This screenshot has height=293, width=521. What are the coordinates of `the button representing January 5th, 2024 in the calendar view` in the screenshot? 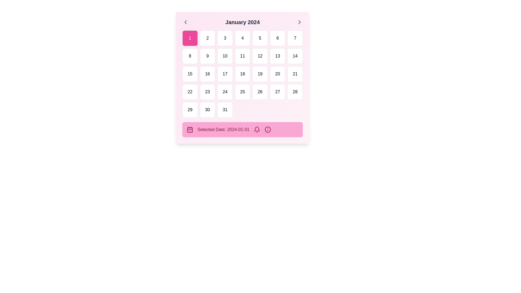 It's located at (260, 38).